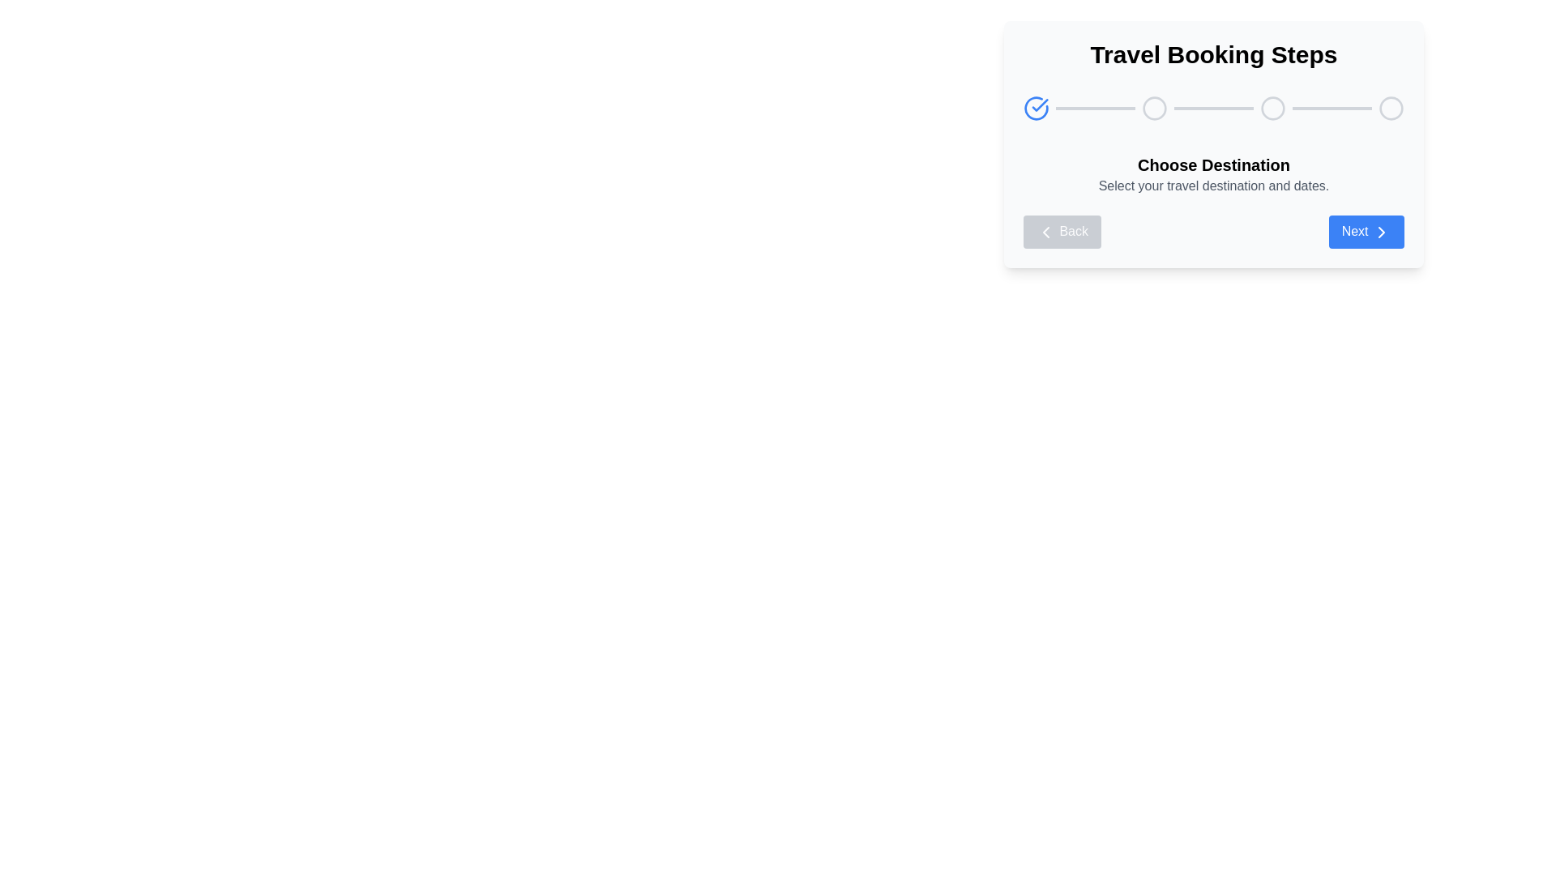  Describe the element at coordinates (1213, 109) in the screenshot. I see `the horizontal progress bar with step indicators located below the 'Travel Booking Steps' heading and above the 'Choose Destination' section` at that location.